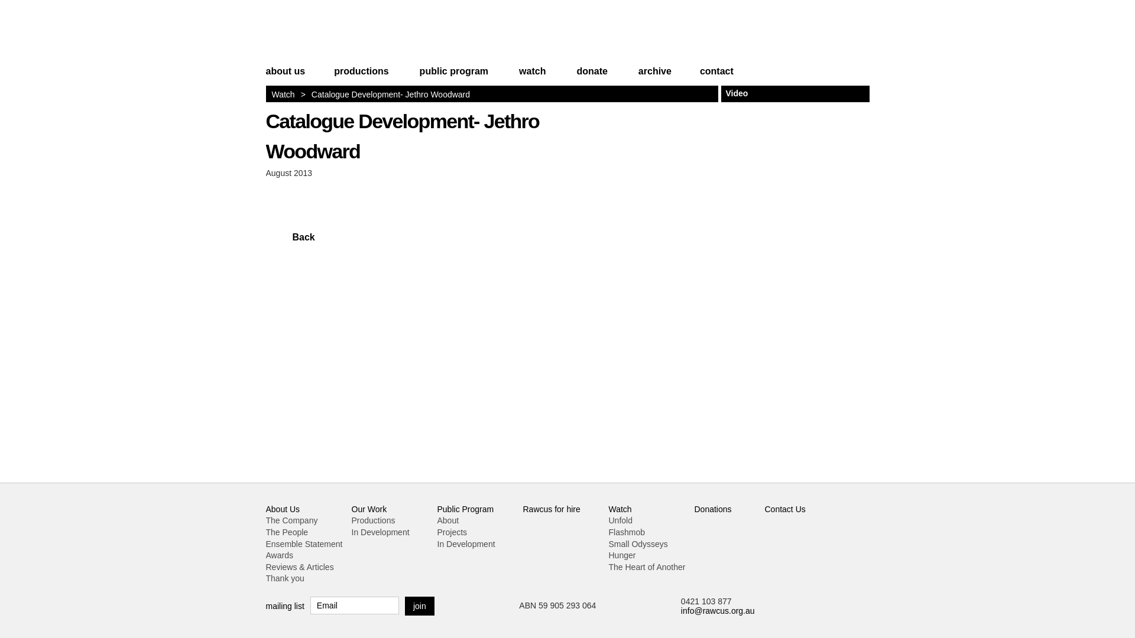  Describe the element at coordinates (447, 519) in the screenshot. I see `'About'` at that location.